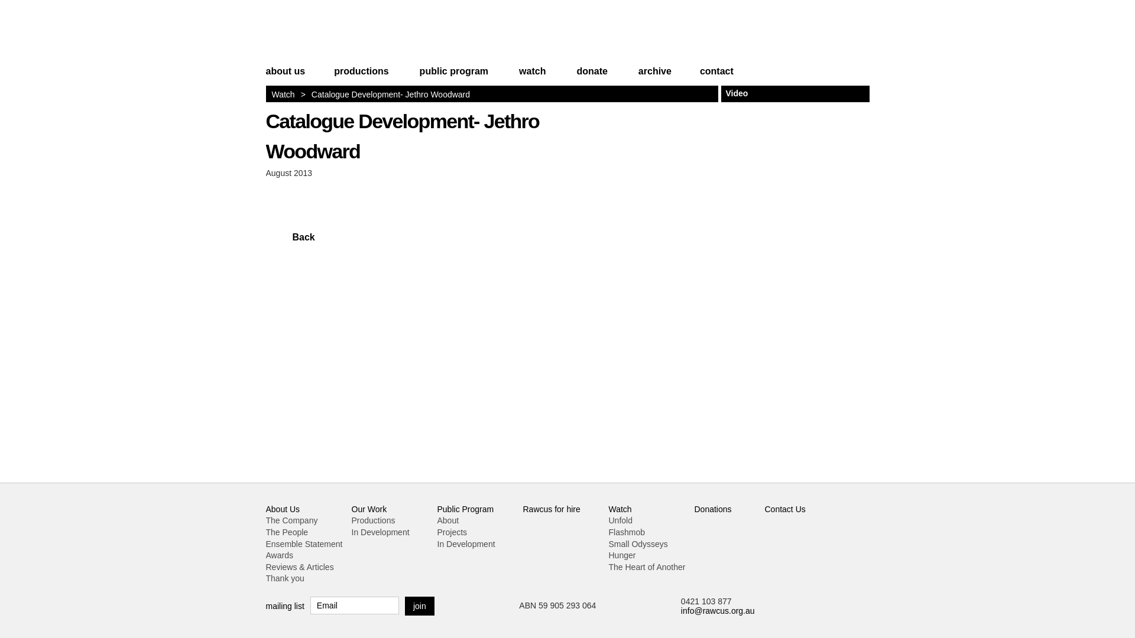  Describe the element at coordinates (447, 519) in the screenshot. I see `'About'` at that location.